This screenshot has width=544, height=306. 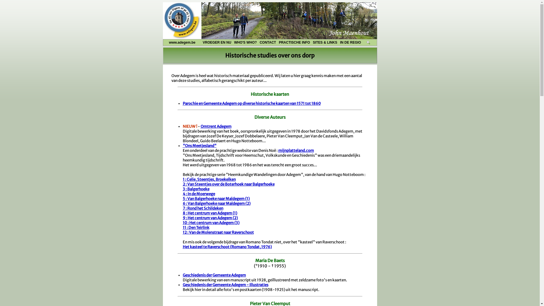 I want to click on 'IN DE REGIO', so click(x=350, y=42).